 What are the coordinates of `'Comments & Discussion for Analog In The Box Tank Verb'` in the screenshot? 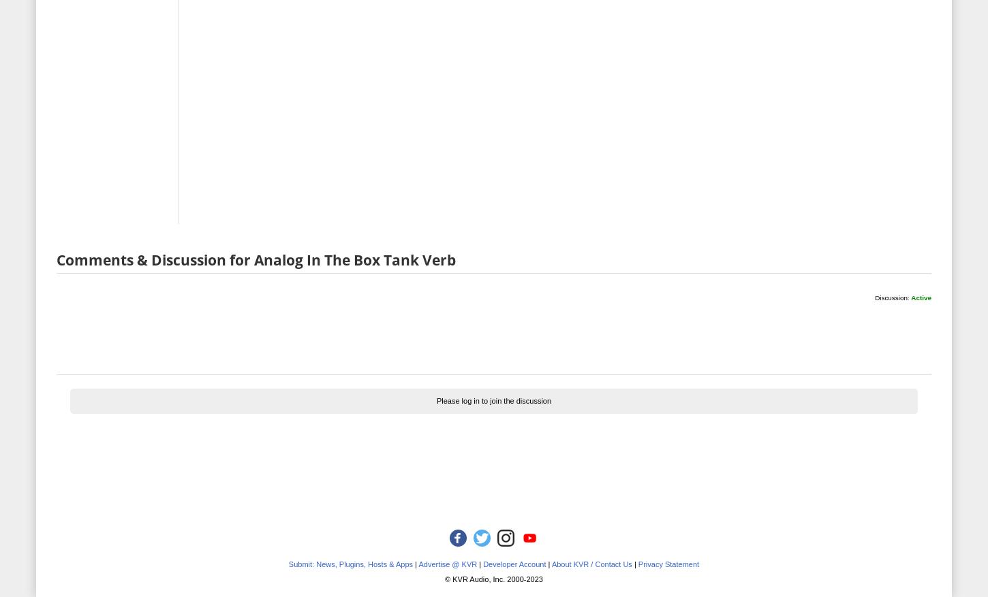 It's located at (255, 260).